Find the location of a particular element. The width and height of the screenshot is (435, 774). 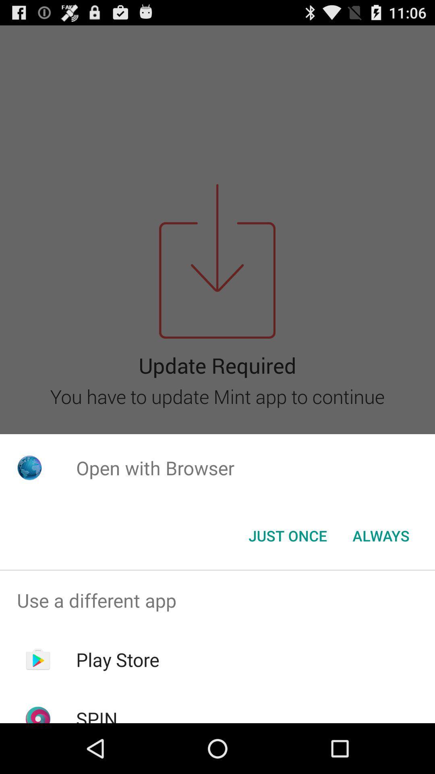

the spin icon is located at coordinates (96, 714).